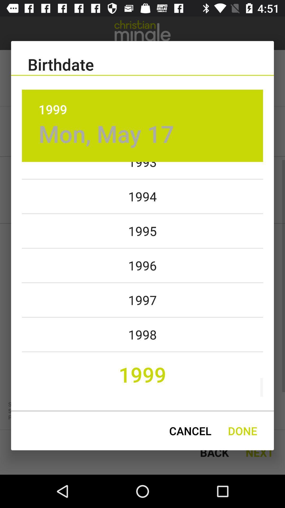 The width and height of the screenshot is (285, 508). I want to click on the icon below the 1999 item, so click(106, 134).